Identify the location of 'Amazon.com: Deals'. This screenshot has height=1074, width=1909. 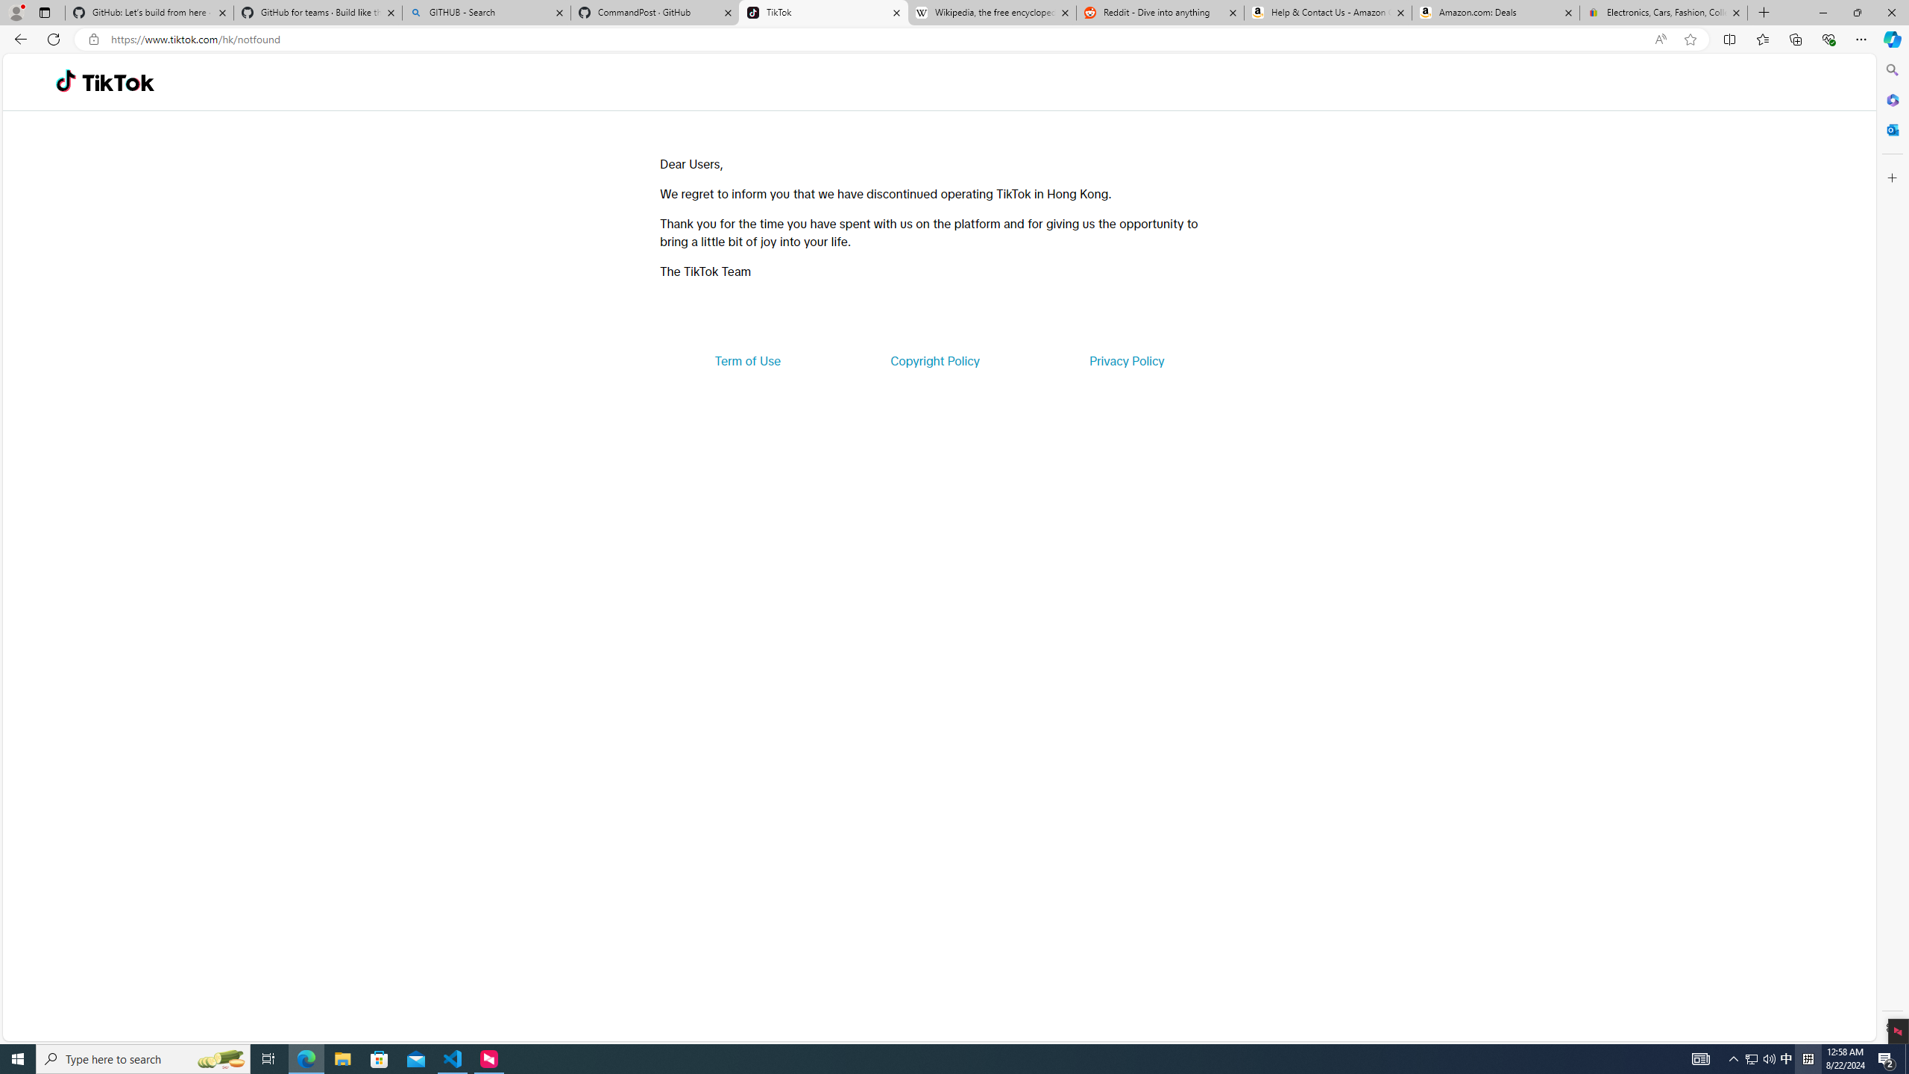
(1495, 12).